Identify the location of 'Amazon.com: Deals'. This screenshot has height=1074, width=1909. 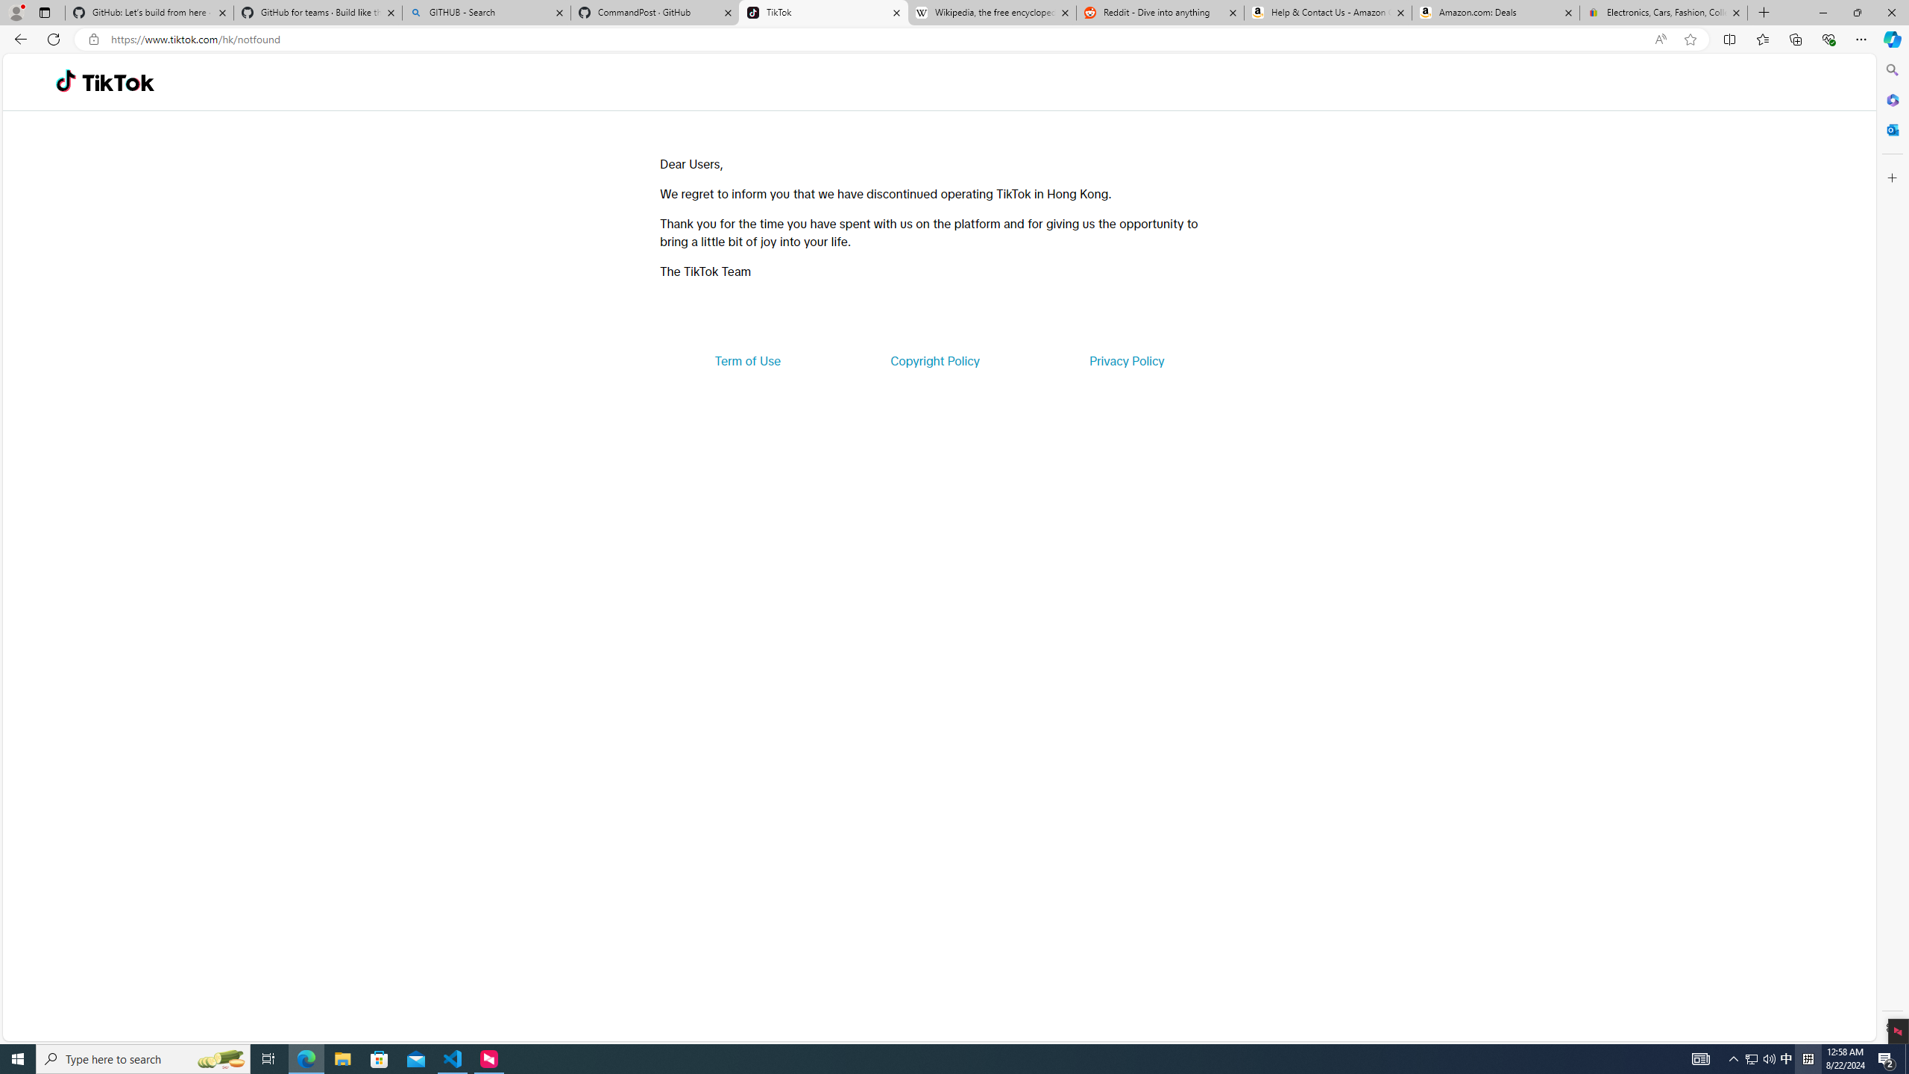
(1495, 12).